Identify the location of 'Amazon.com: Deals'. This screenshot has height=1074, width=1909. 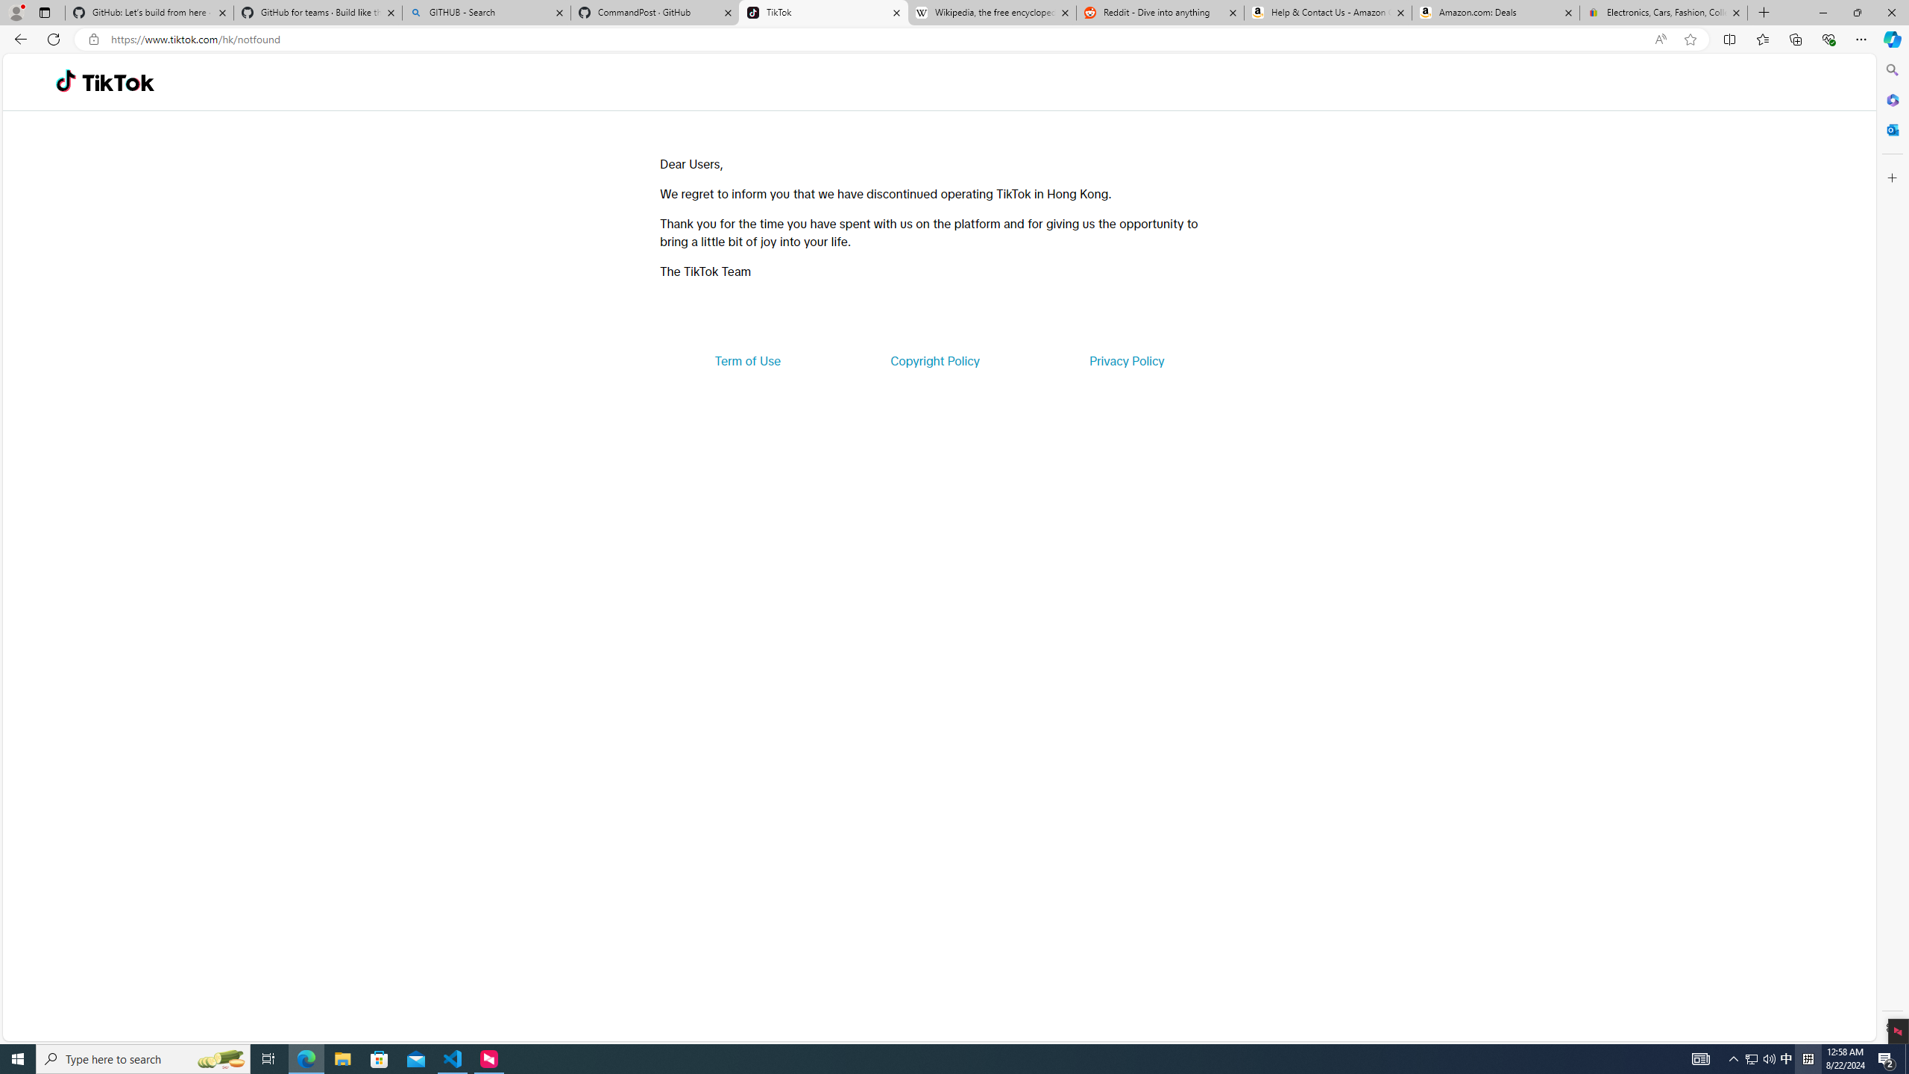
(1495, 12).